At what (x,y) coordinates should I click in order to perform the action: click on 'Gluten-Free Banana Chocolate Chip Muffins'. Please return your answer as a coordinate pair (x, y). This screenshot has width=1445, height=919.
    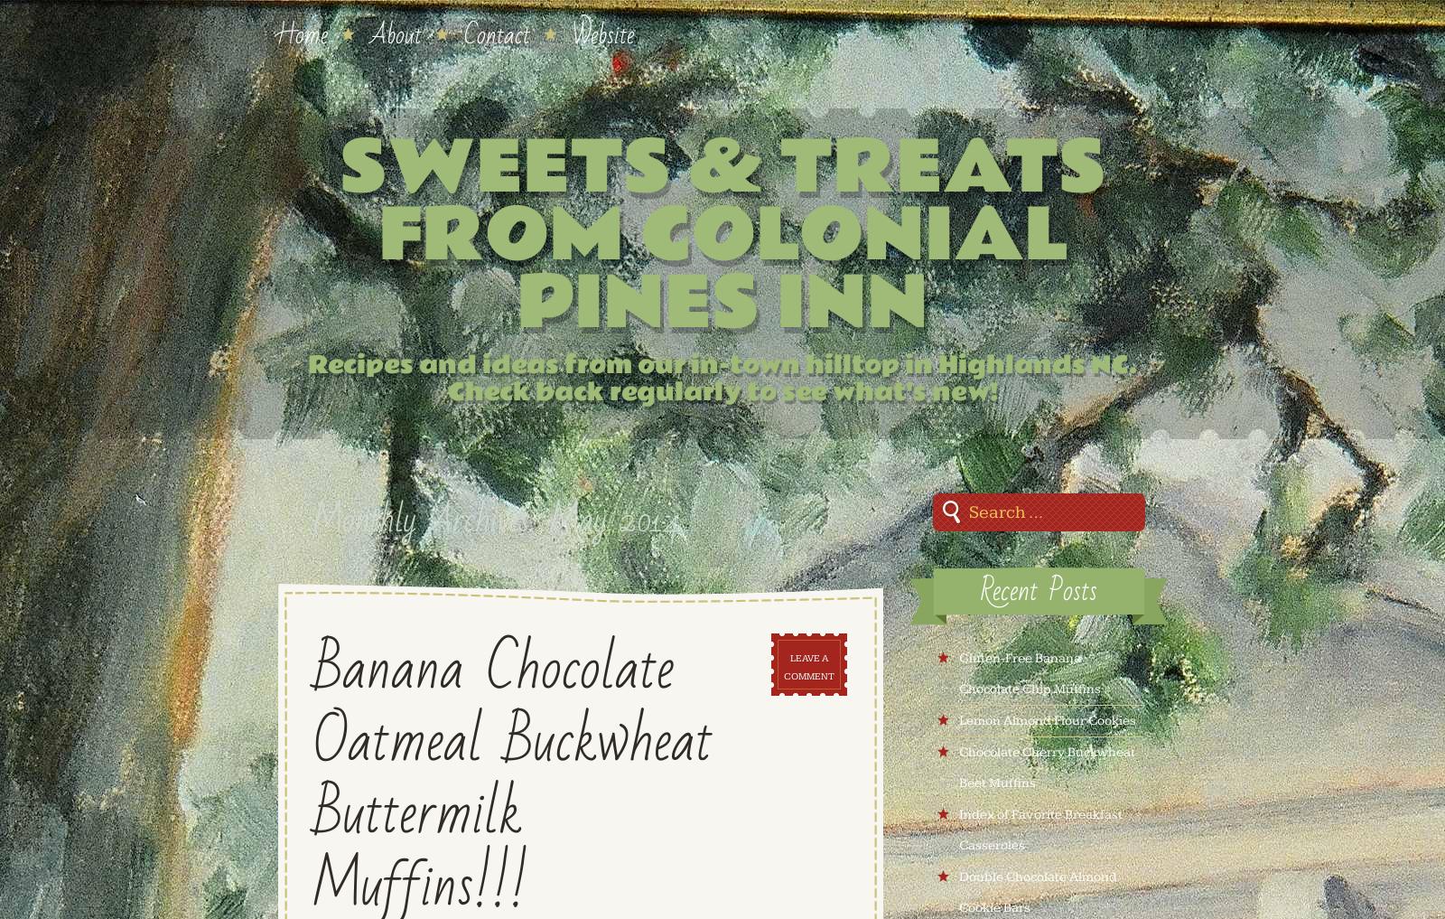
    Looking at the image, I should click on (1029, 673).